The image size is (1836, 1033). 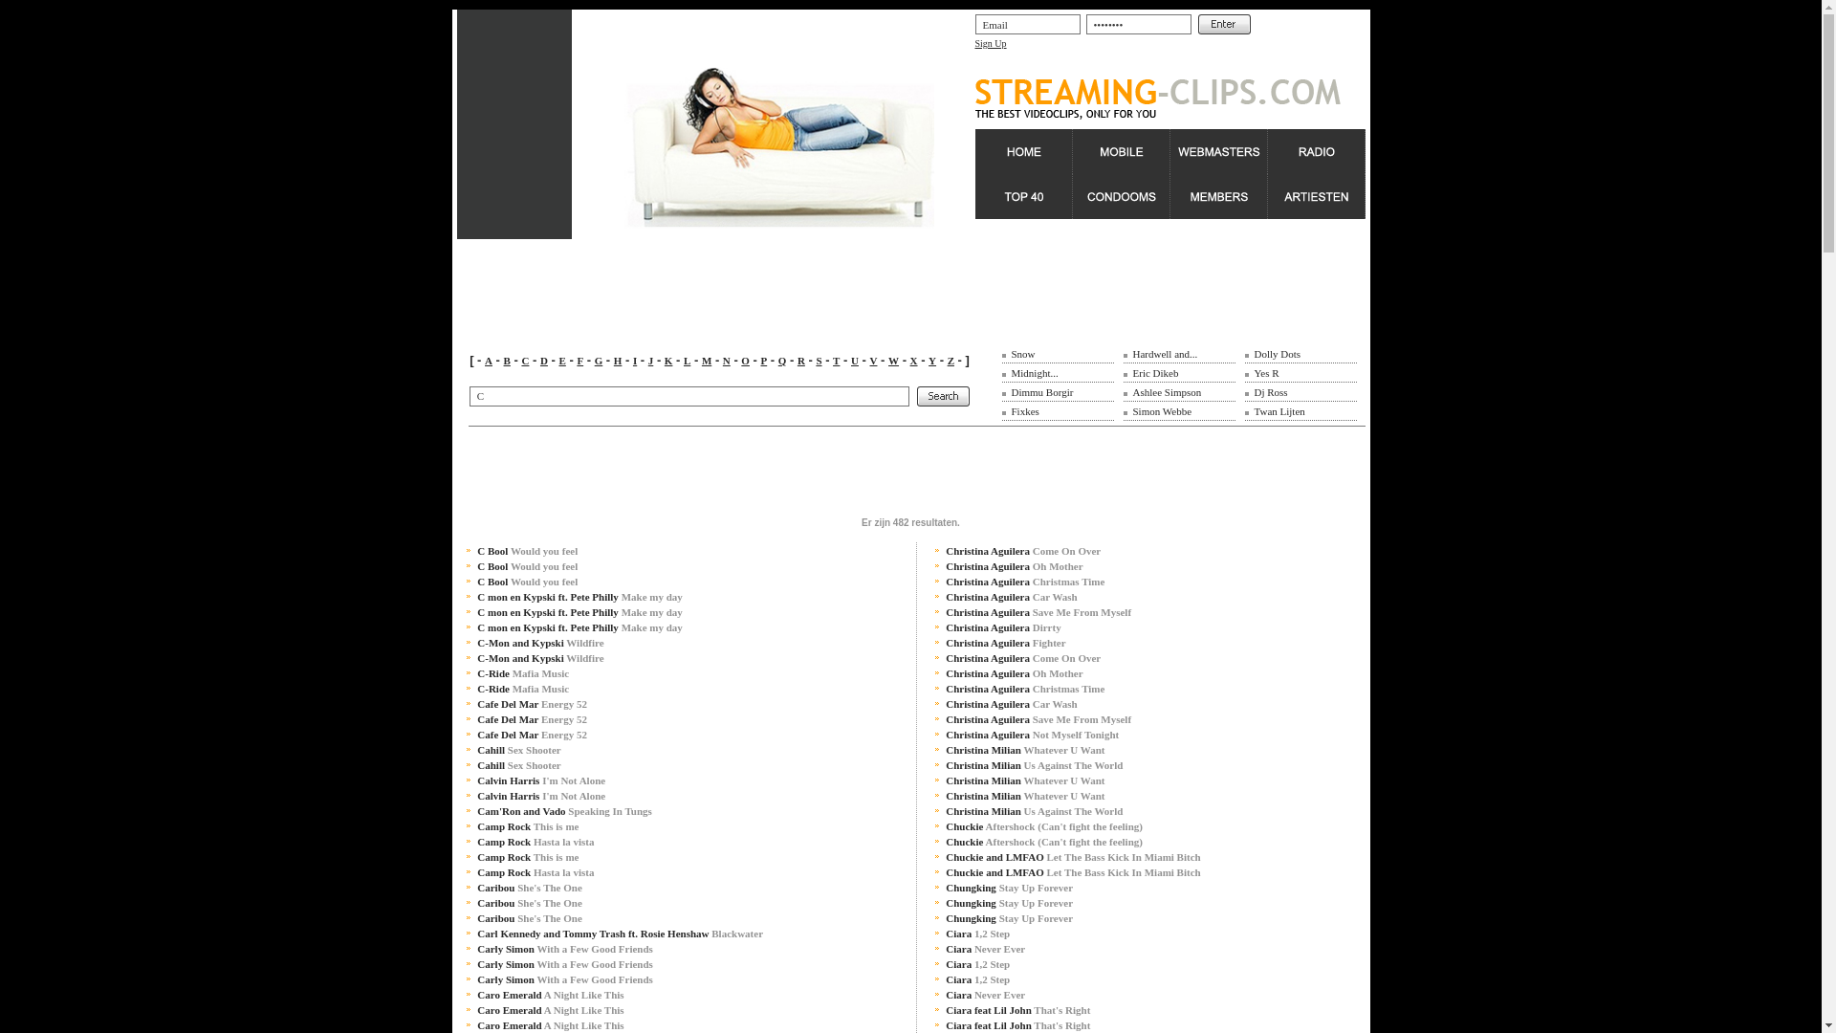 What do you see at coordinates (1022, 550) in the screenshot?
I see `'Christina Aguilera Come On Over'` at bounding box center [1022, 550].